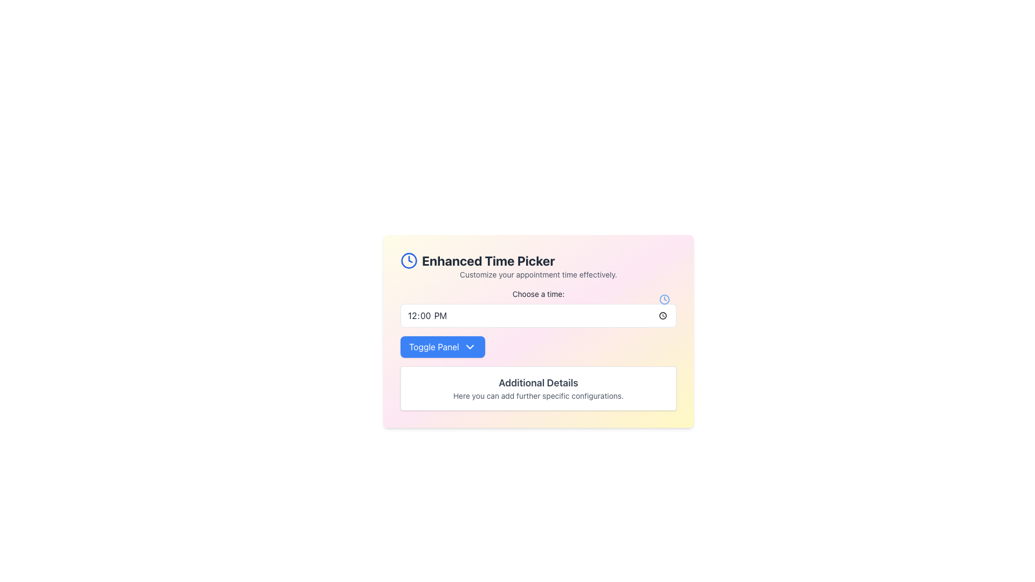  What do you see at coordinates (410, 259) in the screenshot?
I see `the clock hand element of the clock icon within the header of the 'Enhanced Time Picker' card interface` at bounding box center [410, 259].